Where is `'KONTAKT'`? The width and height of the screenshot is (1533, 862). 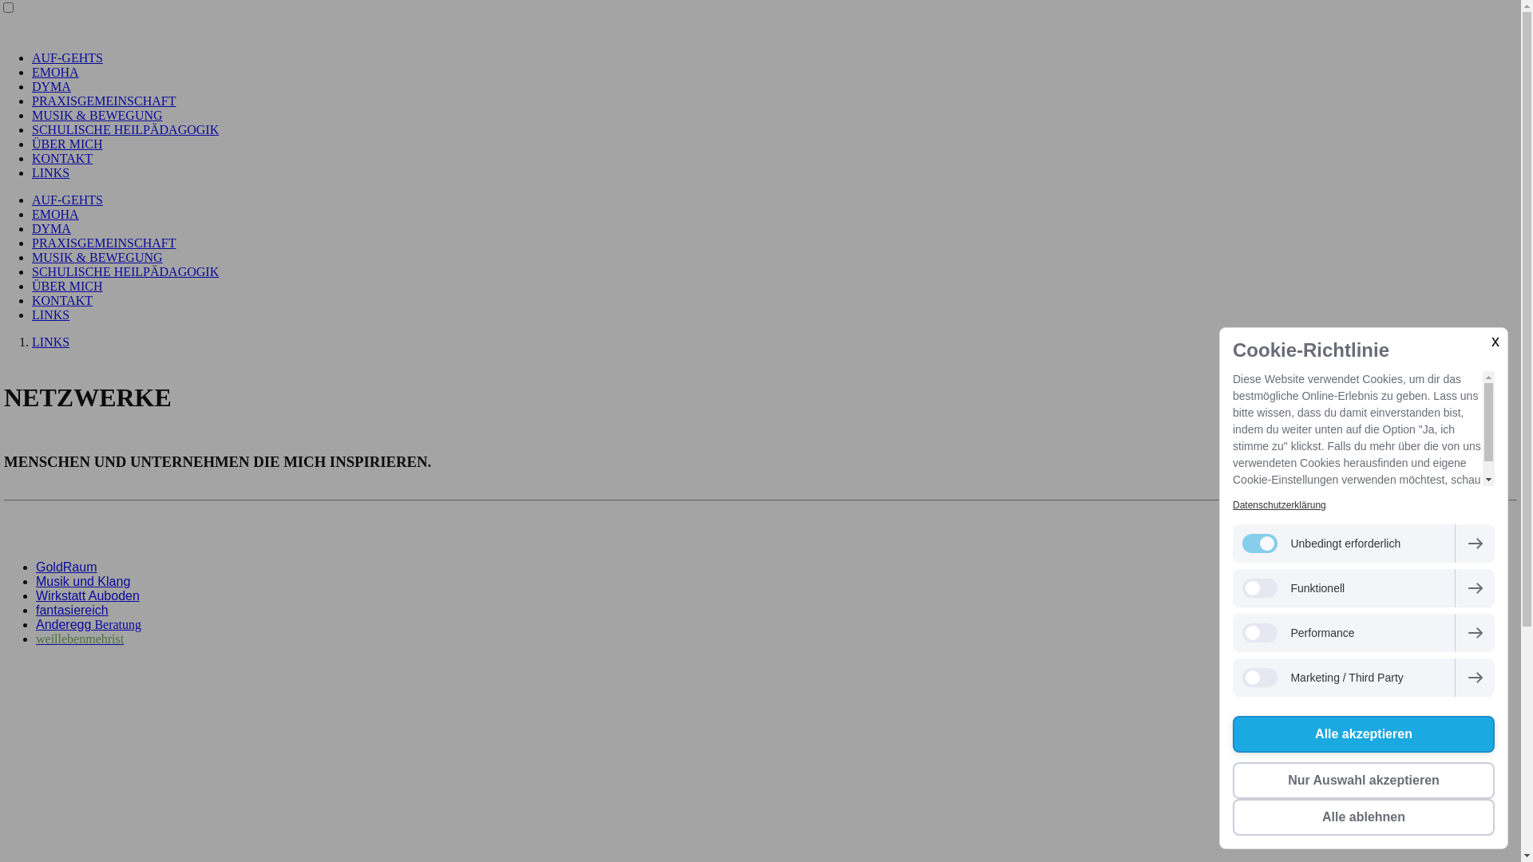
'KONTAKT' is located at coordinates (61, 158).